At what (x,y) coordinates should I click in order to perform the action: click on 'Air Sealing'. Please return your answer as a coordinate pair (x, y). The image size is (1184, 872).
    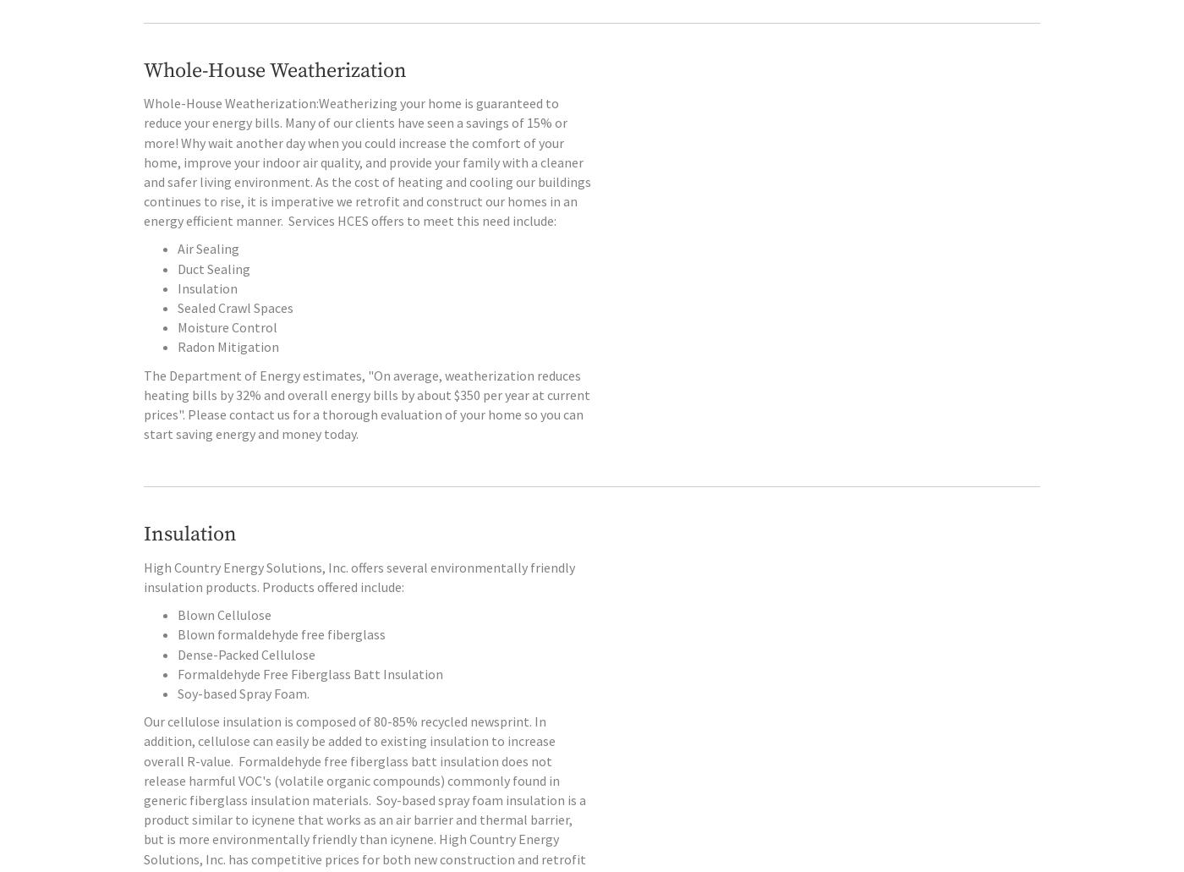
    Looking at the image, I should click on (208, 283).